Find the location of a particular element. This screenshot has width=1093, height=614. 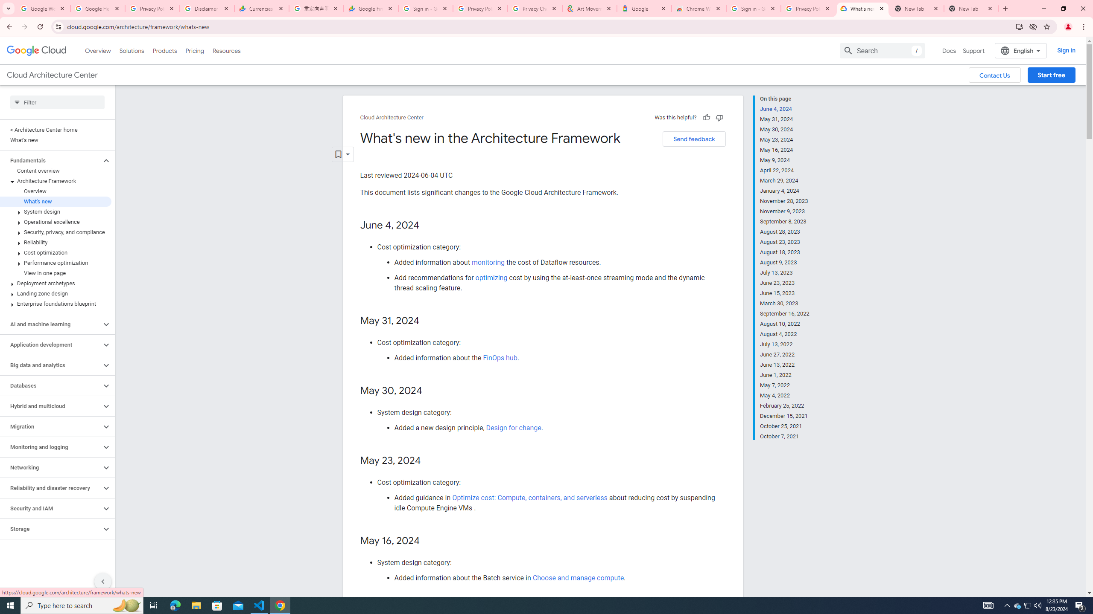

'Migration' is located at coordinates (50, 426).